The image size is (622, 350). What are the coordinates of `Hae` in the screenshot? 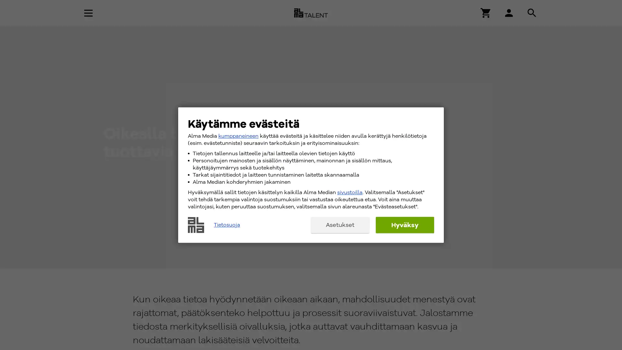 It's located at (508, 13).